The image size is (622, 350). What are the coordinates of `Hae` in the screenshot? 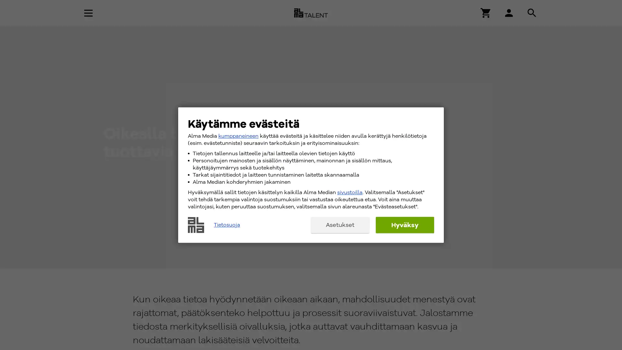 It's located at (508, 13).